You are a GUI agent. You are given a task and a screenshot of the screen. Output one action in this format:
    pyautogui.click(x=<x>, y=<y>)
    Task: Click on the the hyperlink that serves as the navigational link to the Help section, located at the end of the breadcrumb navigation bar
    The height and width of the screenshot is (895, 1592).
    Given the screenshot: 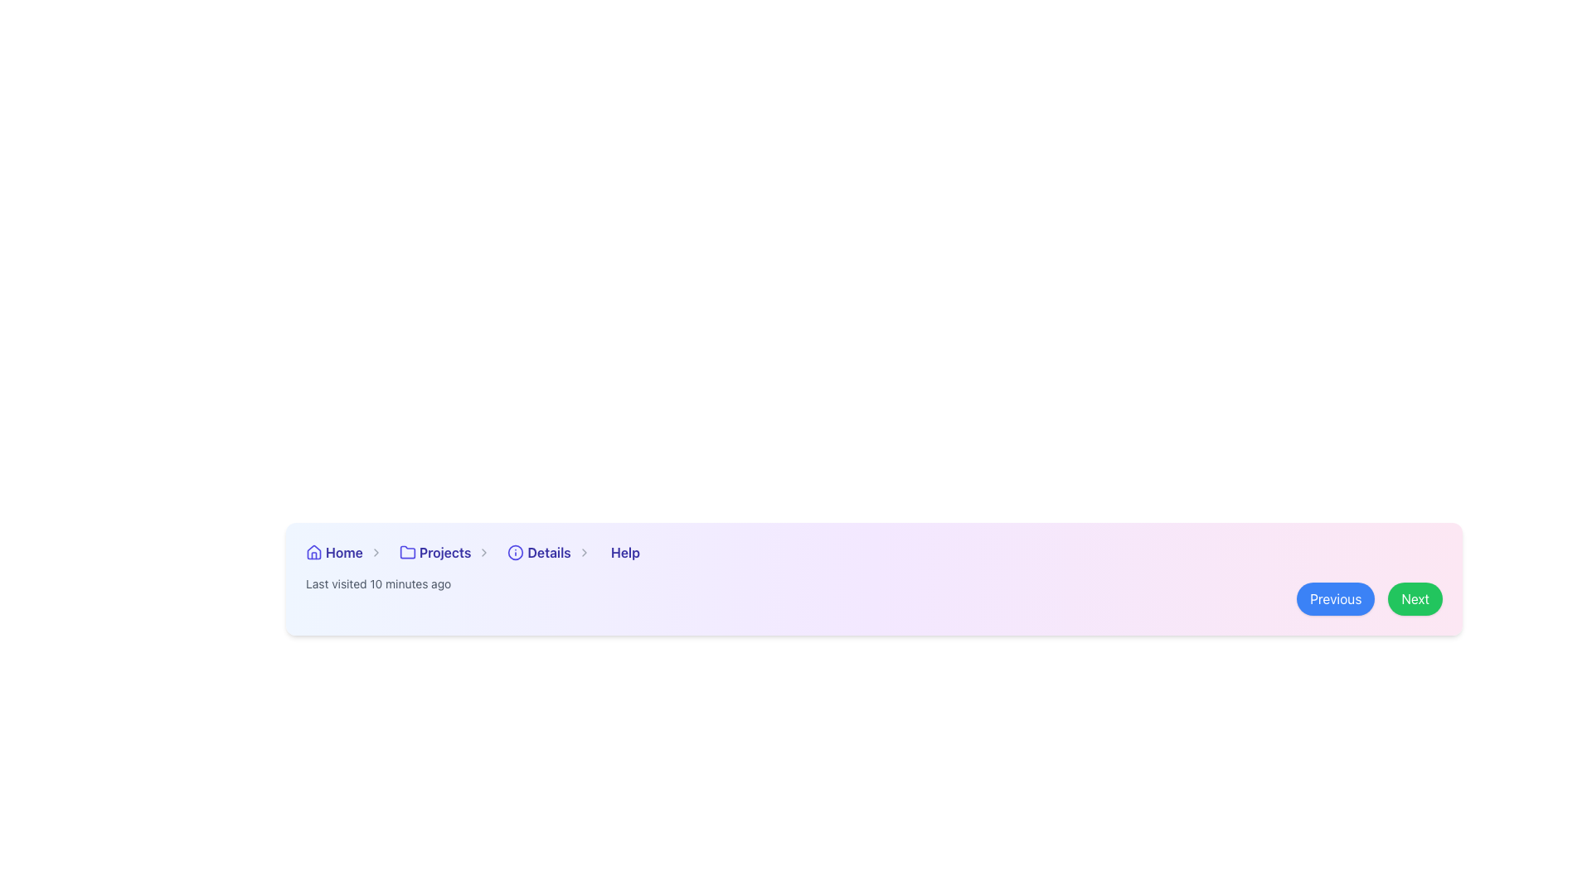 What is the action you would take?
    pyautogui.click(x=623, y=553)
    